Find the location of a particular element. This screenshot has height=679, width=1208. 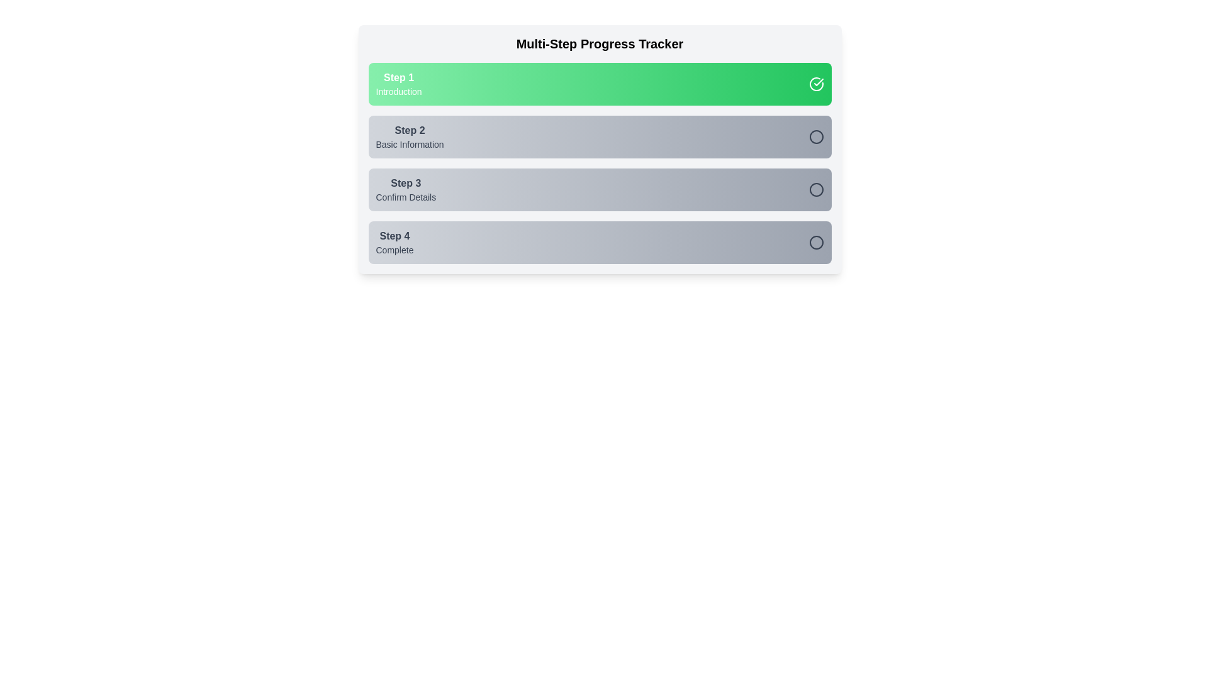

the circular icon that indicates the completion state of the 'Step 1 Introduction' section in the progress tracker, located on the right end of the green horizontal bar is located at coordinates (816, 84).